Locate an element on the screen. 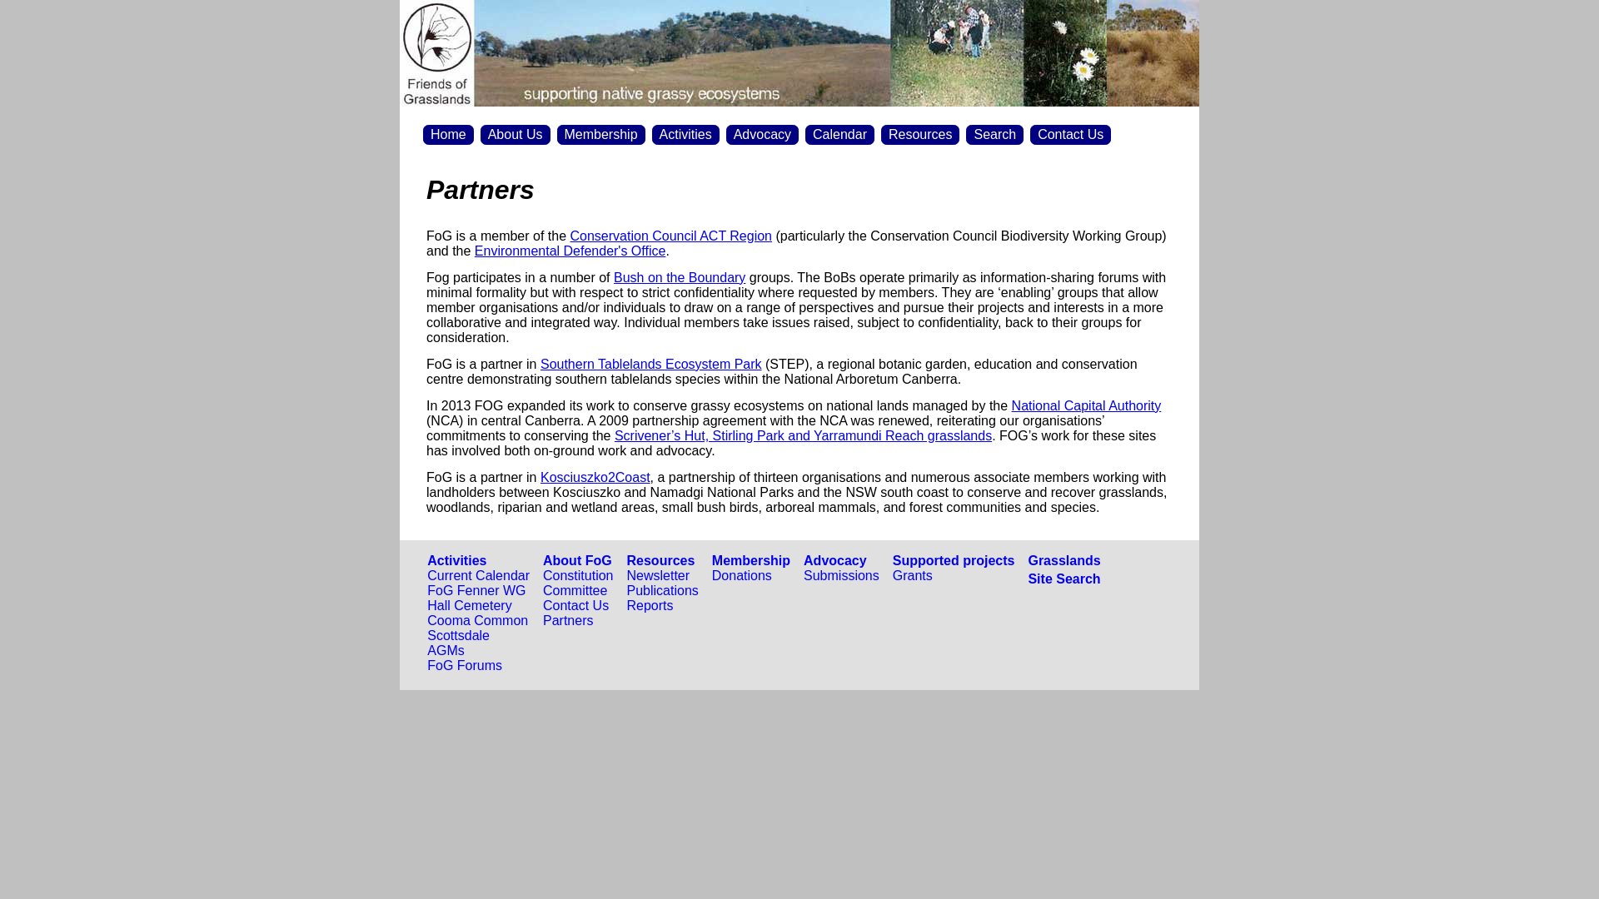  'Partners' is located at coordinates (567, 620).